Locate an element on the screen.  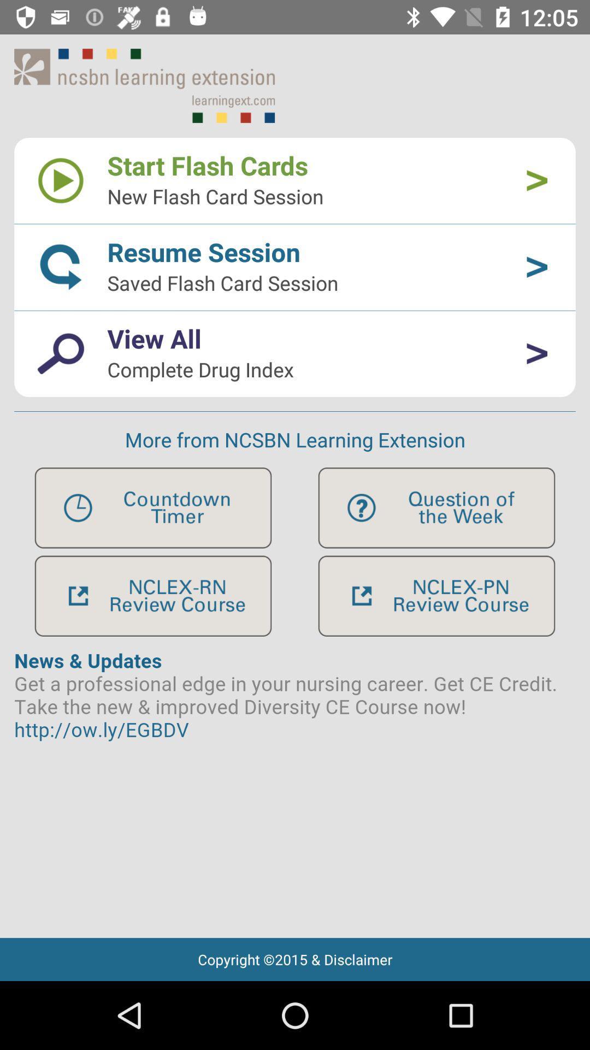
display screen is located at coordinates (295, 786).